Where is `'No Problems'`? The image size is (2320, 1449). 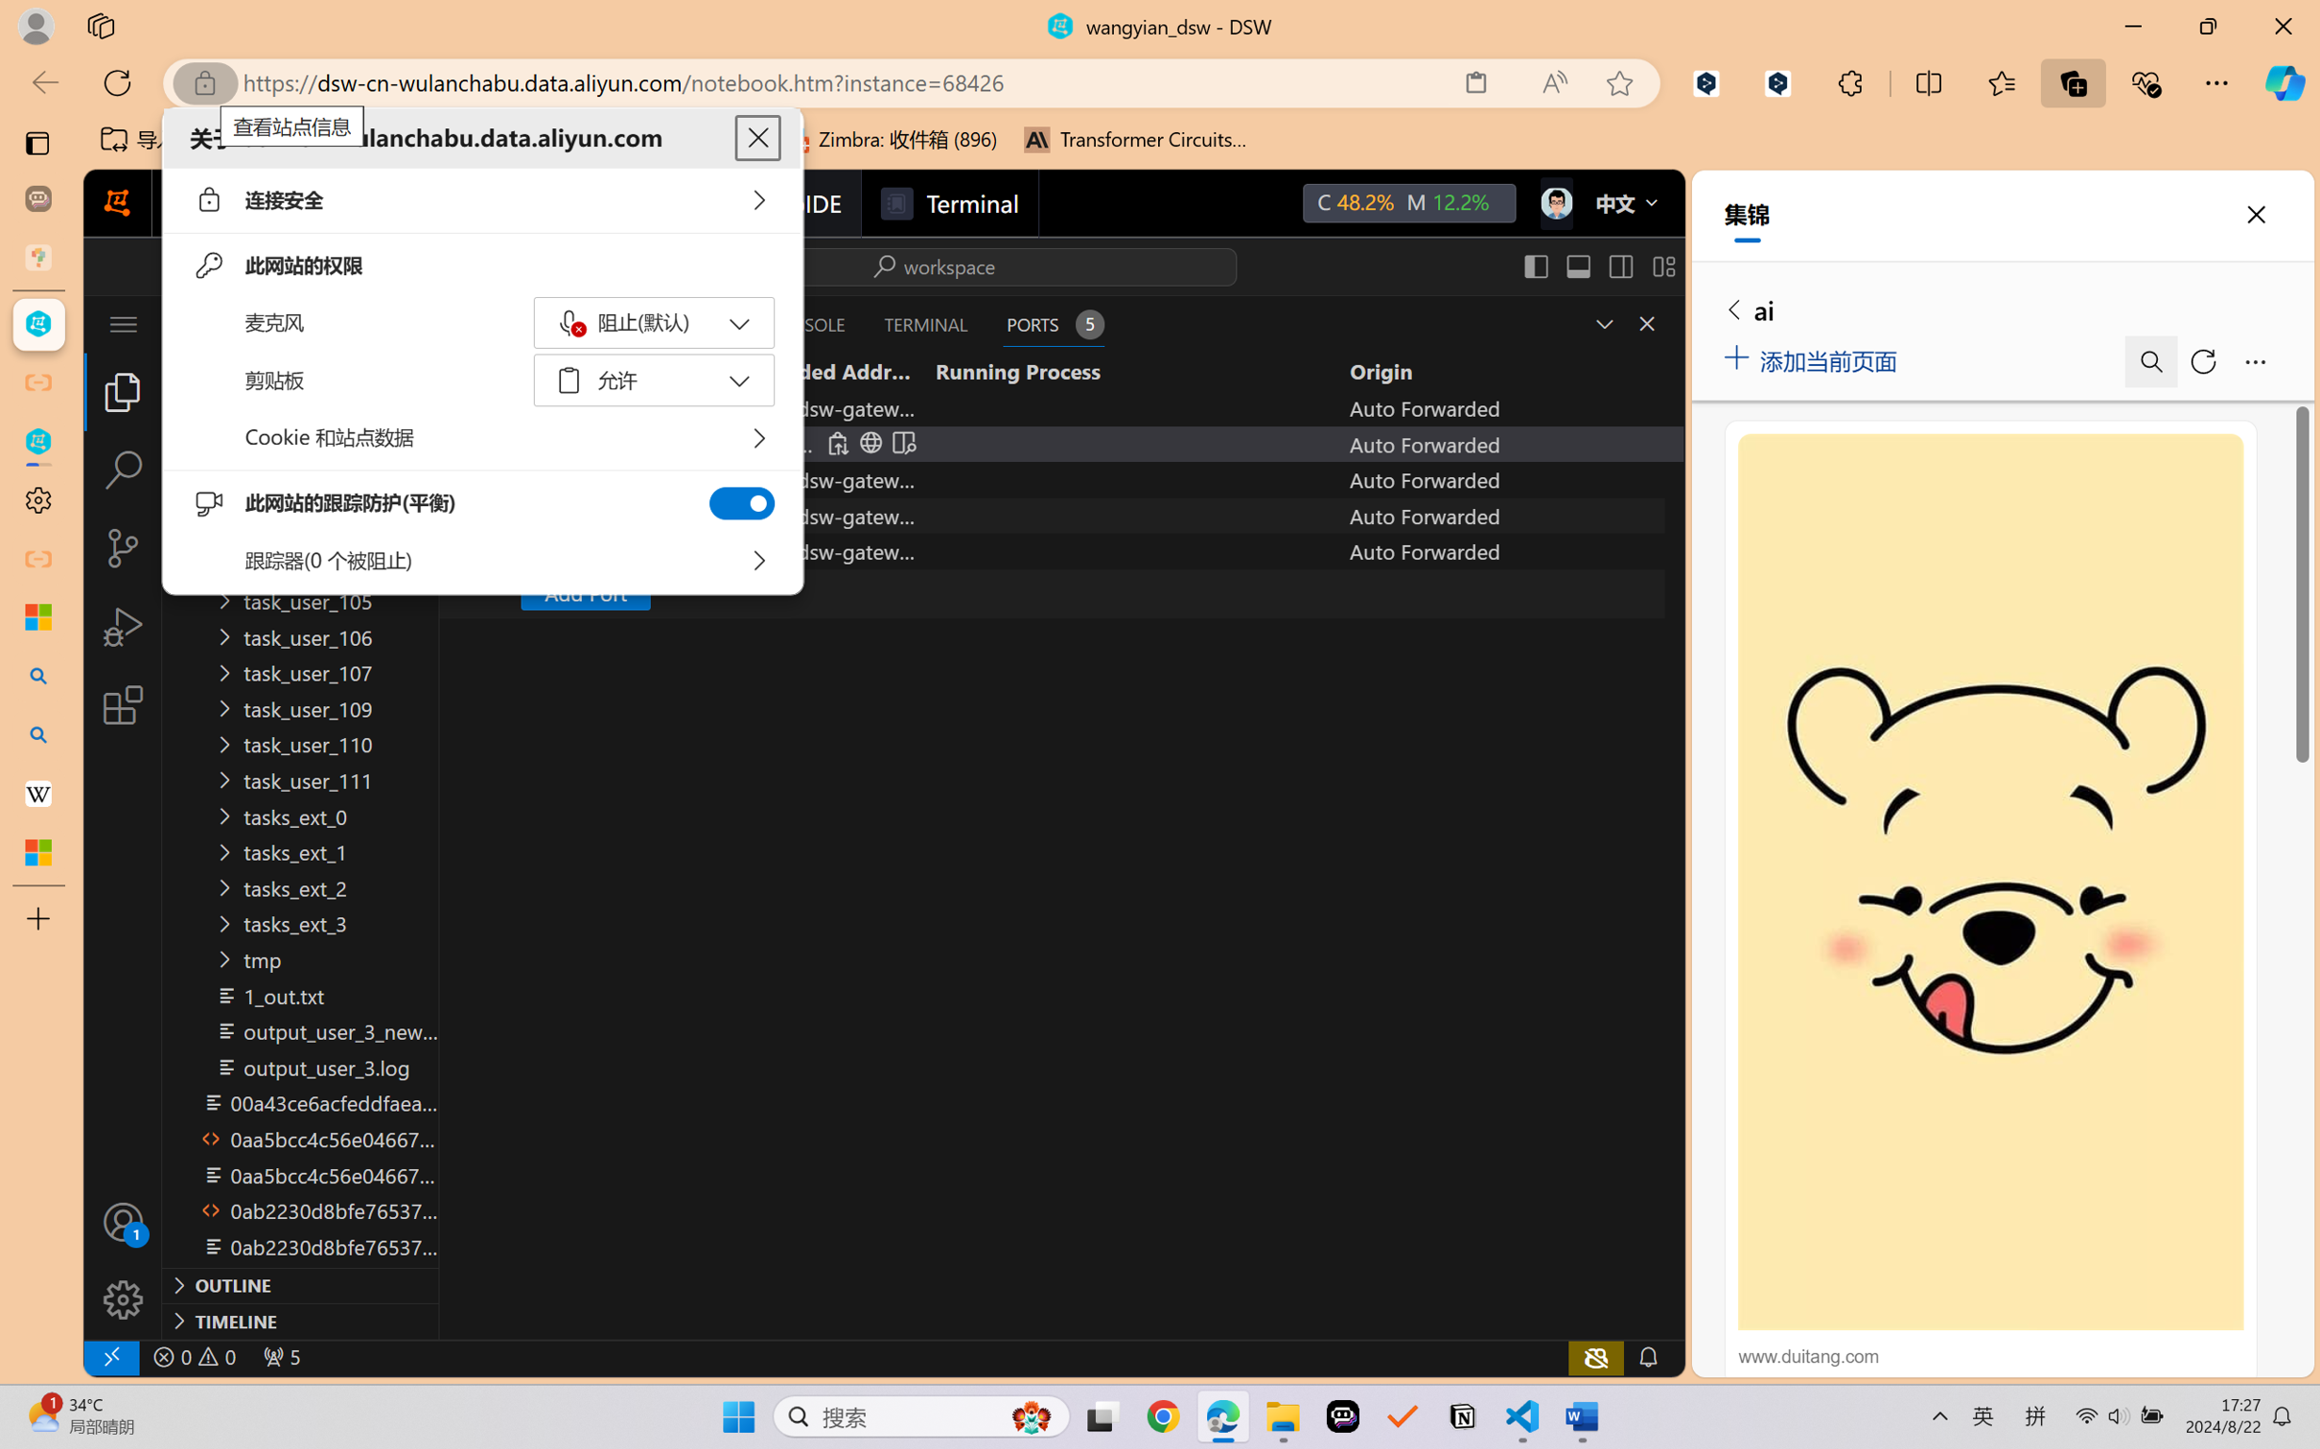 'No Problems' is located at coordinates (192, 1356).